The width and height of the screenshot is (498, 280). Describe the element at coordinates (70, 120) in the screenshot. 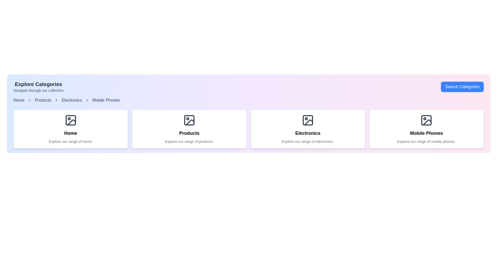

I see `the SVG icon` at that location.